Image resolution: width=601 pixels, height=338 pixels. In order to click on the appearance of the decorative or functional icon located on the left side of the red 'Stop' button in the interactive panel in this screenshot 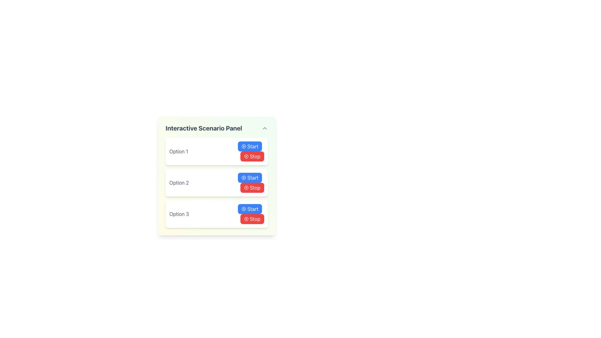, I will do `click(246, 187)`.